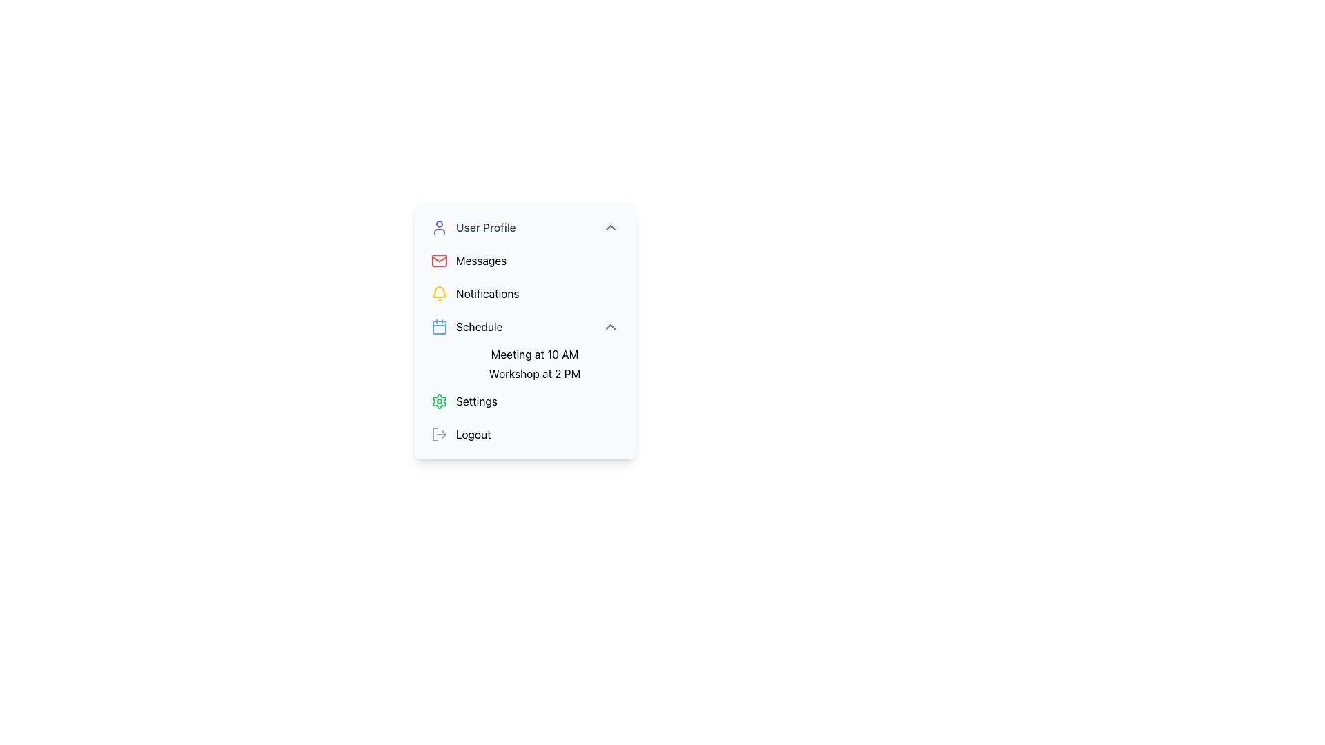 The image size is (1325, 745). Describe the element at coordinates (439, 401) in the screenshot. I see `the green cogwheel icon representing settings, which is located to the left of the 'Settings' text in the menu` at that location.